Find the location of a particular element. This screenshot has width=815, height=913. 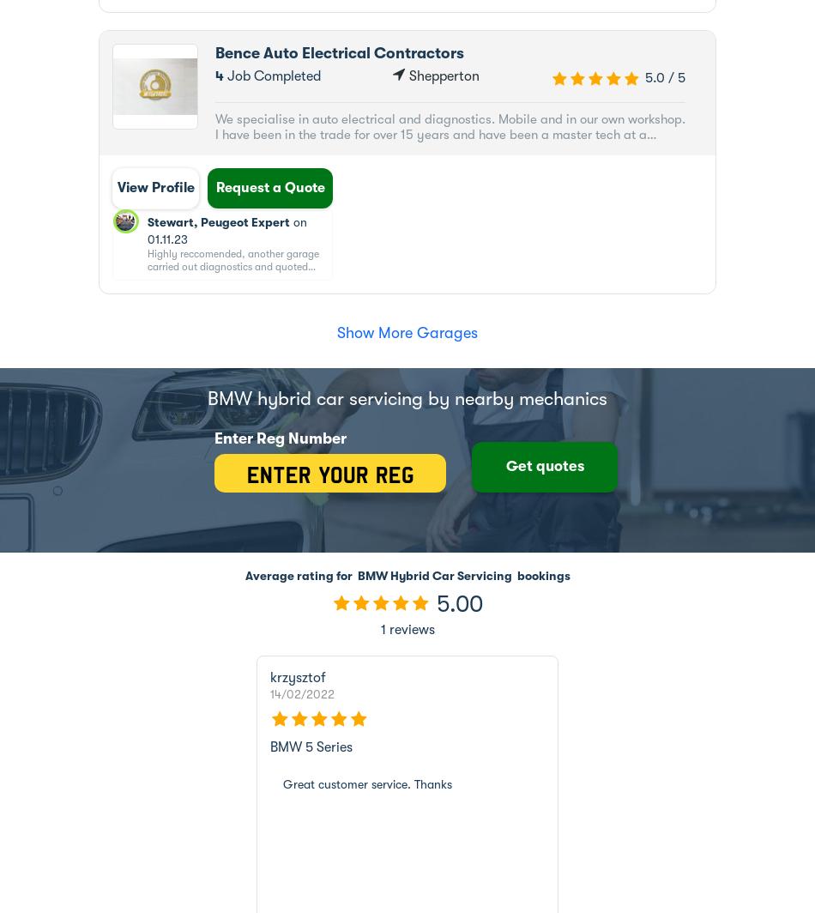

'BMW hybrid car servicing by nearby mechanics' is located at coordinates (407, 398).